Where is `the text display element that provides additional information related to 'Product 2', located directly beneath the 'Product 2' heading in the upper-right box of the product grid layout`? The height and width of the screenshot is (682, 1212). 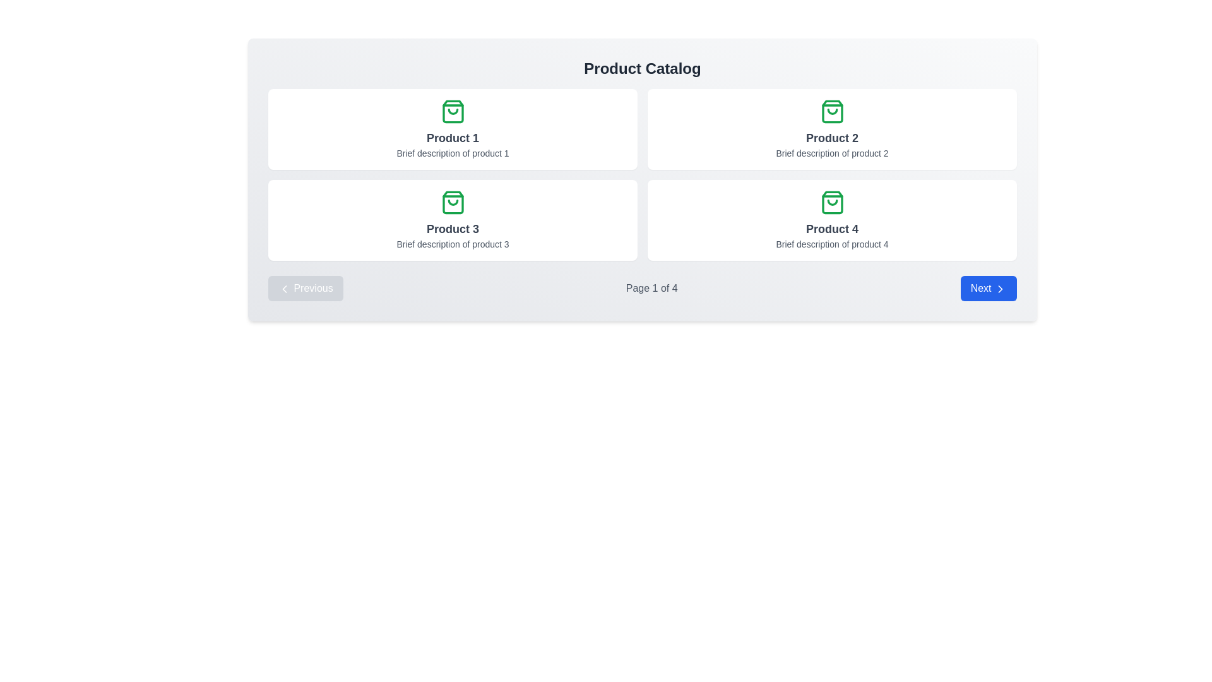 the text display element that provides additional information related to 'Product 2', located directly beneath the 'Product 2' heading in the upper-right box of the product grid layout is located at coordinates (832, 153).